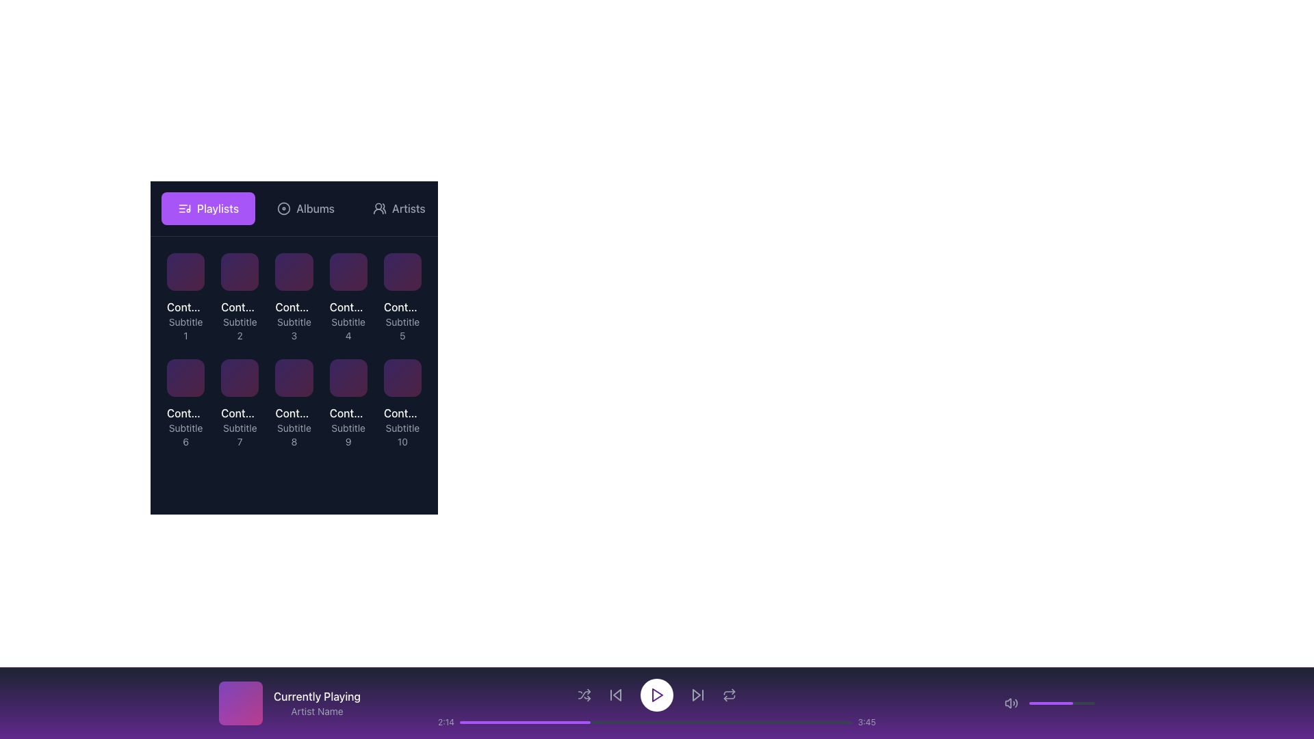 This screenshot has height=739, width=1314. I want to click on progress, so click(640, 722).